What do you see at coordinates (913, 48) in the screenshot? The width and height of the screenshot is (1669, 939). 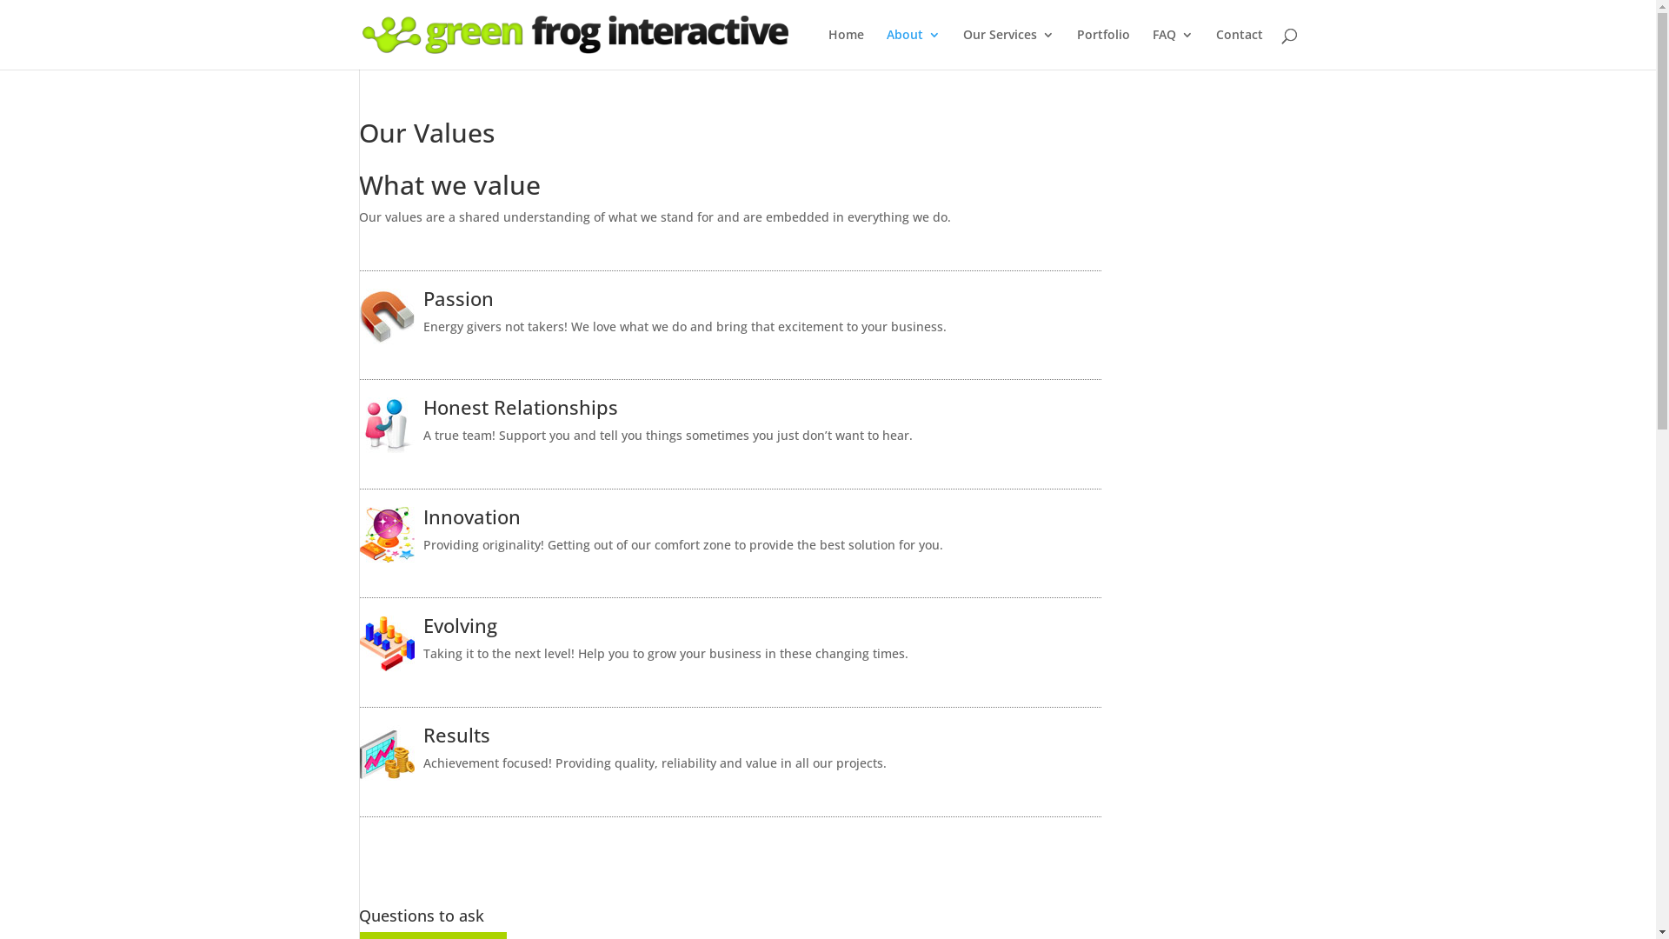 I see `'About'` at bounding box center [913, 48].